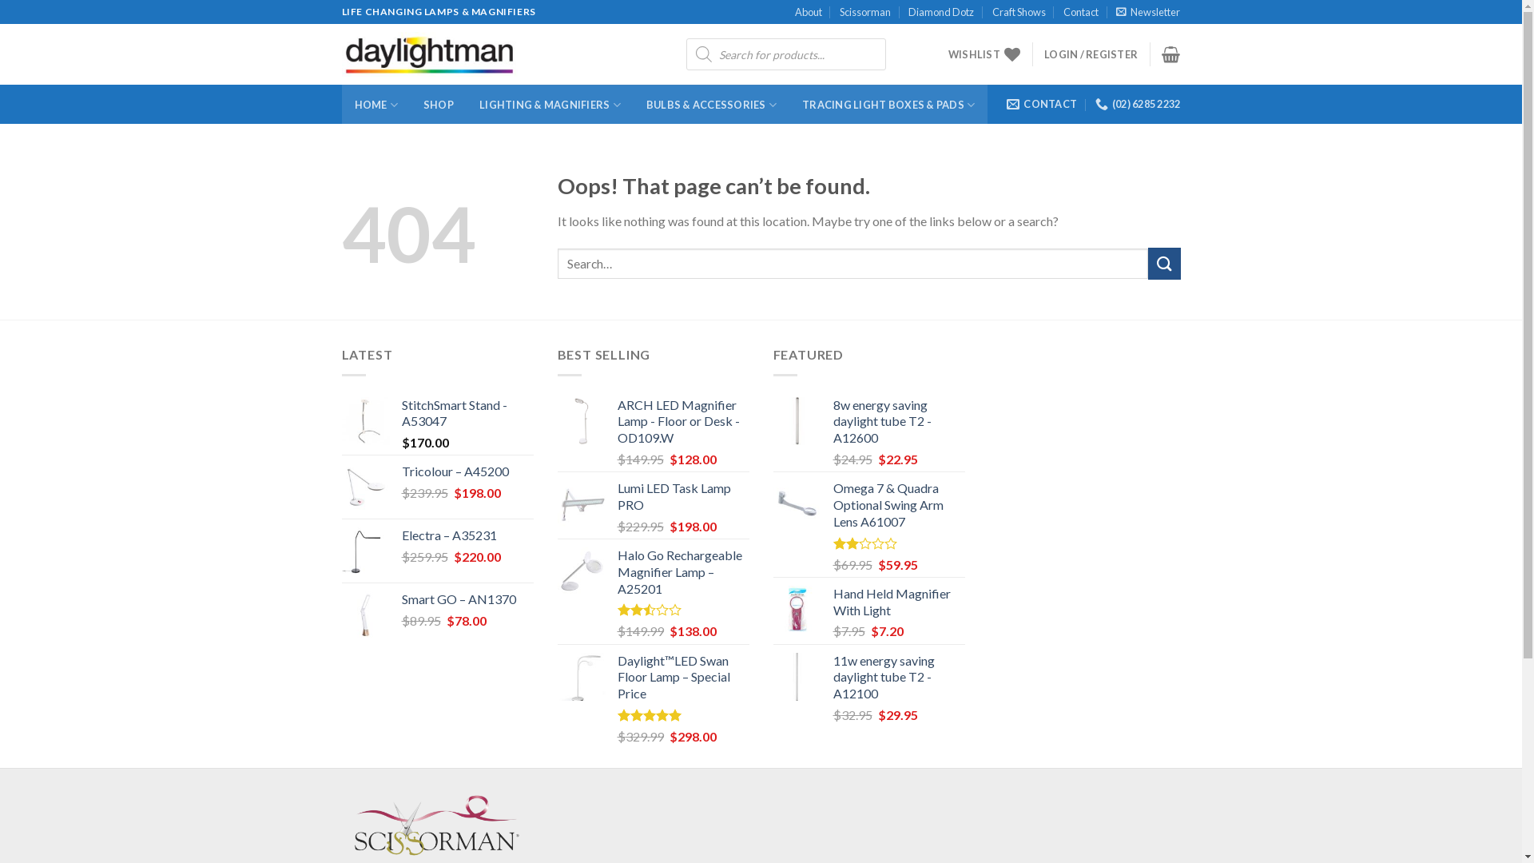 The image size is (1534, 863). What do you see at coordinates (1081, 12) in the screenshot?
I see `'Contact'` at bounding box center [1081, 12].